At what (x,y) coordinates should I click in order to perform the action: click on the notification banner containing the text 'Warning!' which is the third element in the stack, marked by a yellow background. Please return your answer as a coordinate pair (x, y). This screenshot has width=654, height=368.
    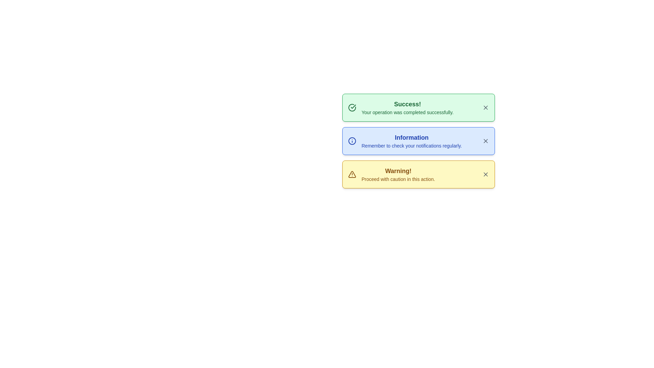
    Looking at the image, I should click on (398, 174).